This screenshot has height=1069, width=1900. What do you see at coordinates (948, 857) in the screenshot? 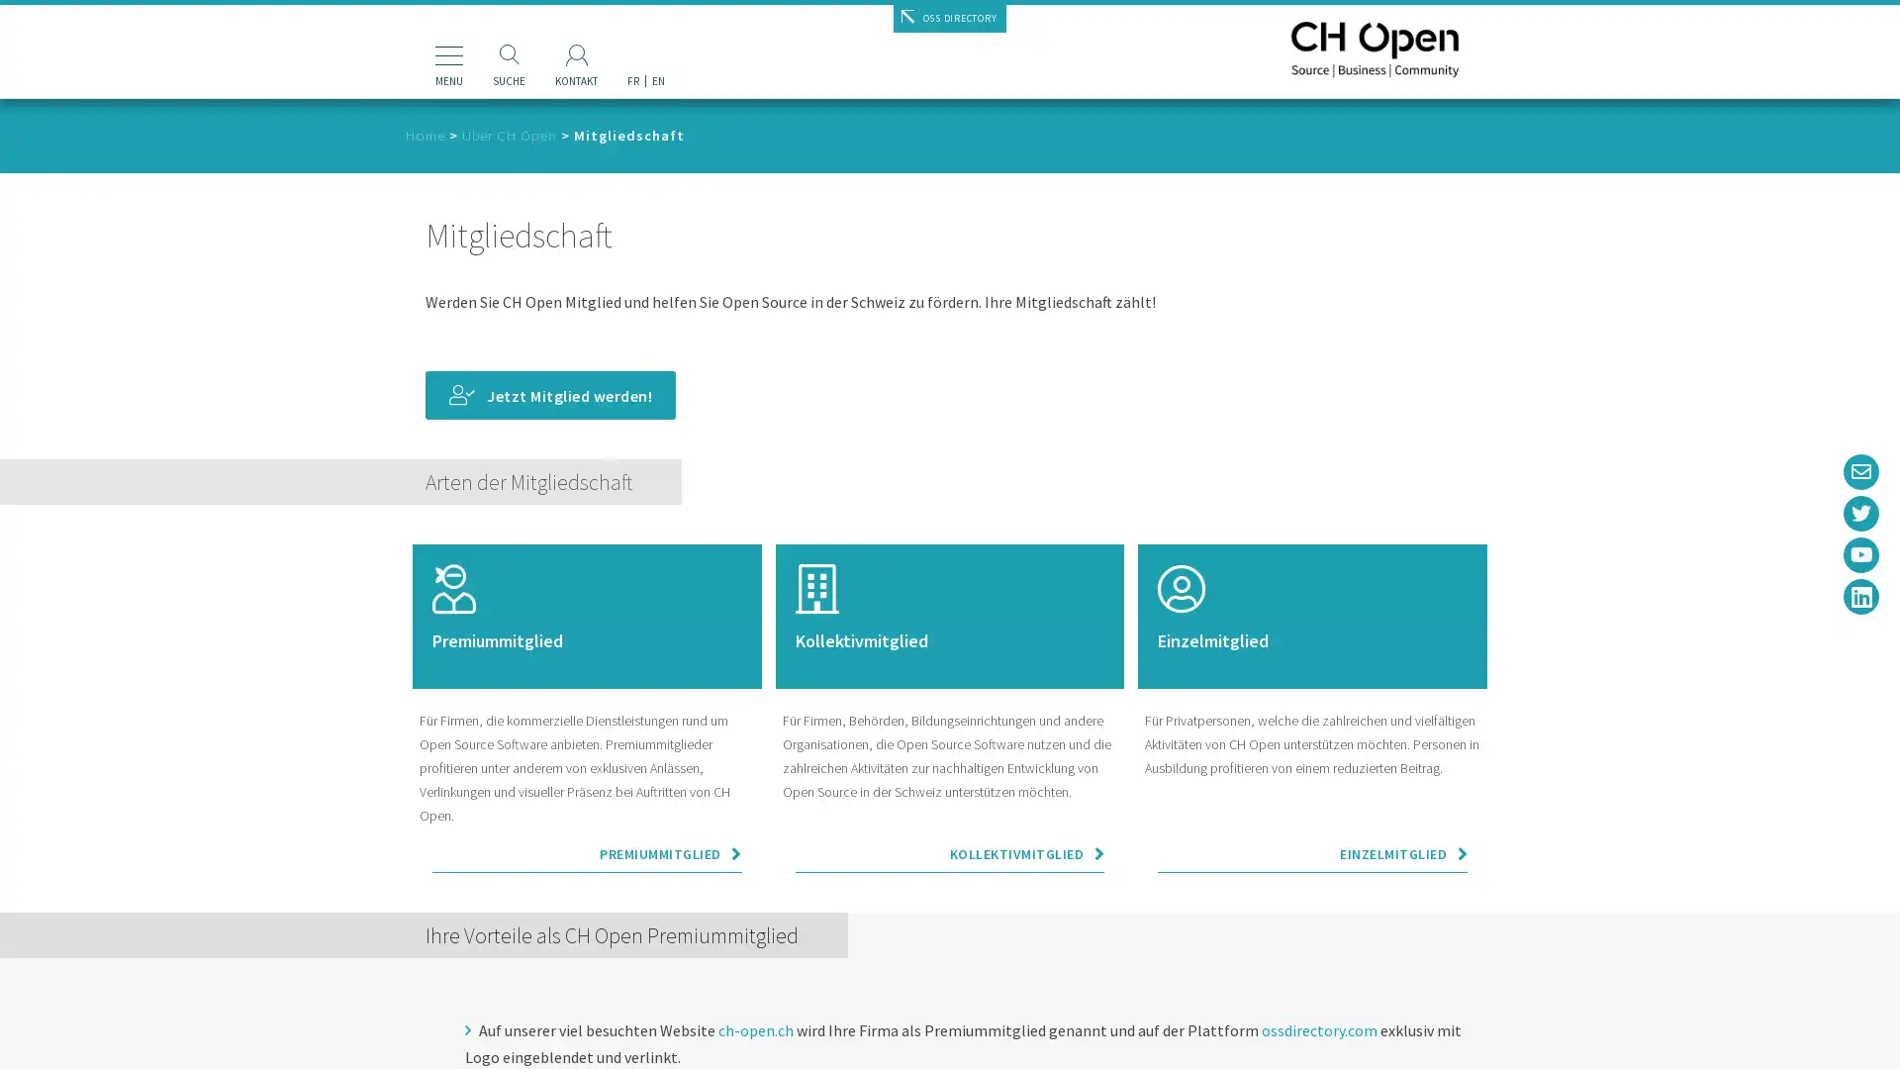
I see `KOLLEKTIVMITGLIED` at bounding box center [948, 857].